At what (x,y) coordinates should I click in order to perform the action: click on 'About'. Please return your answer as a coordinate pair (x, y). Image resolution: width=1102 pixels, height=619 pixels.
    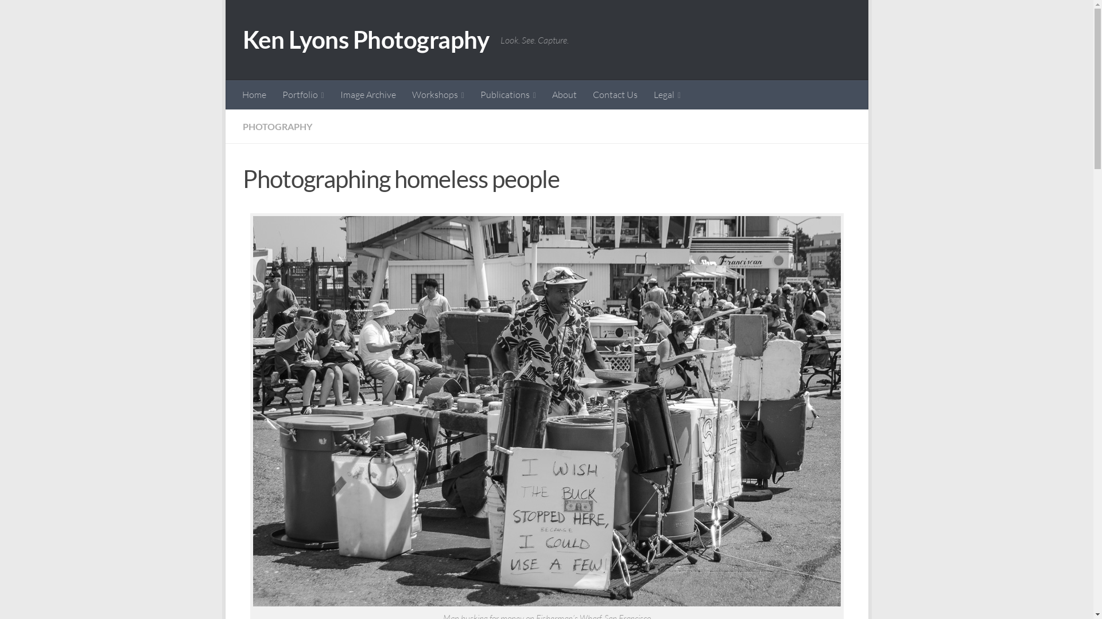
    Looking at the image, I should click on (544, 94).